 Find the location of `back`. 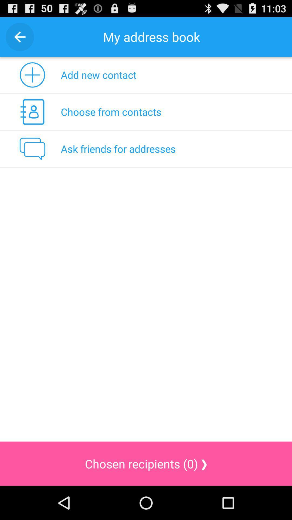

back is located at coordinates (19, 37).